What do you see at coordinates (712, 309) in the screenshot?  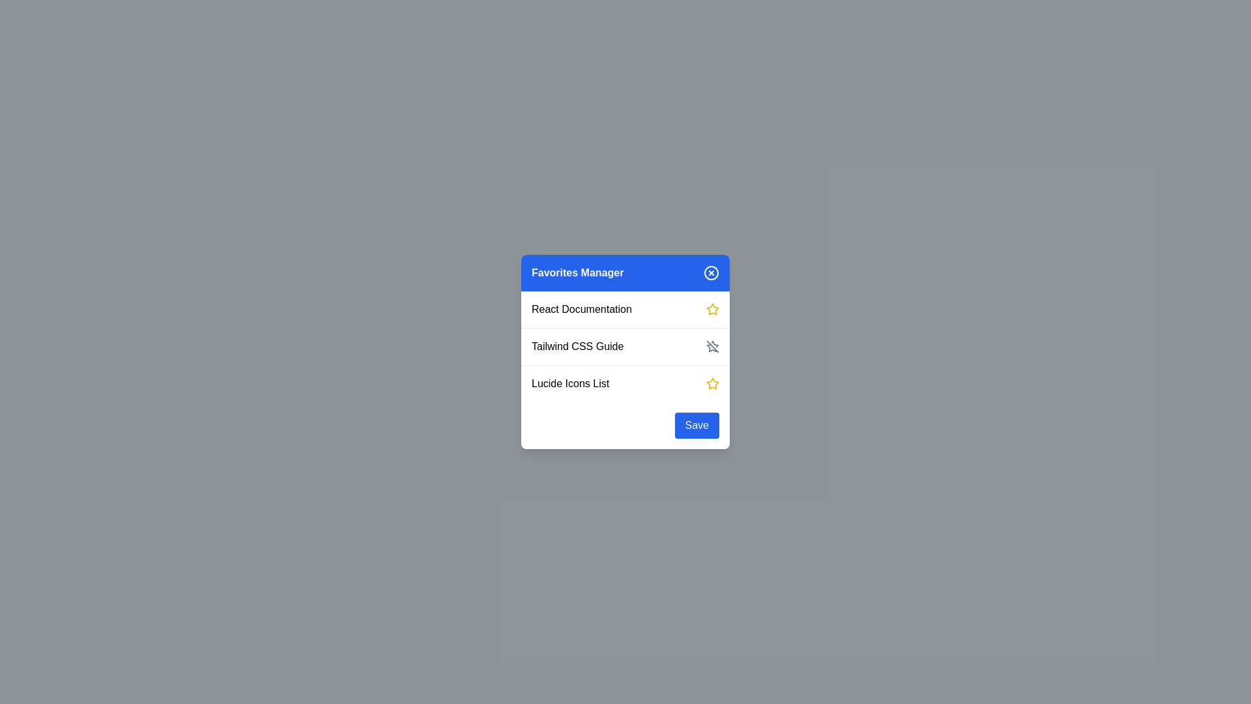 I see `the star icon to toggle the favorite status of the item React Documentation` at bounding box center [712, 309].